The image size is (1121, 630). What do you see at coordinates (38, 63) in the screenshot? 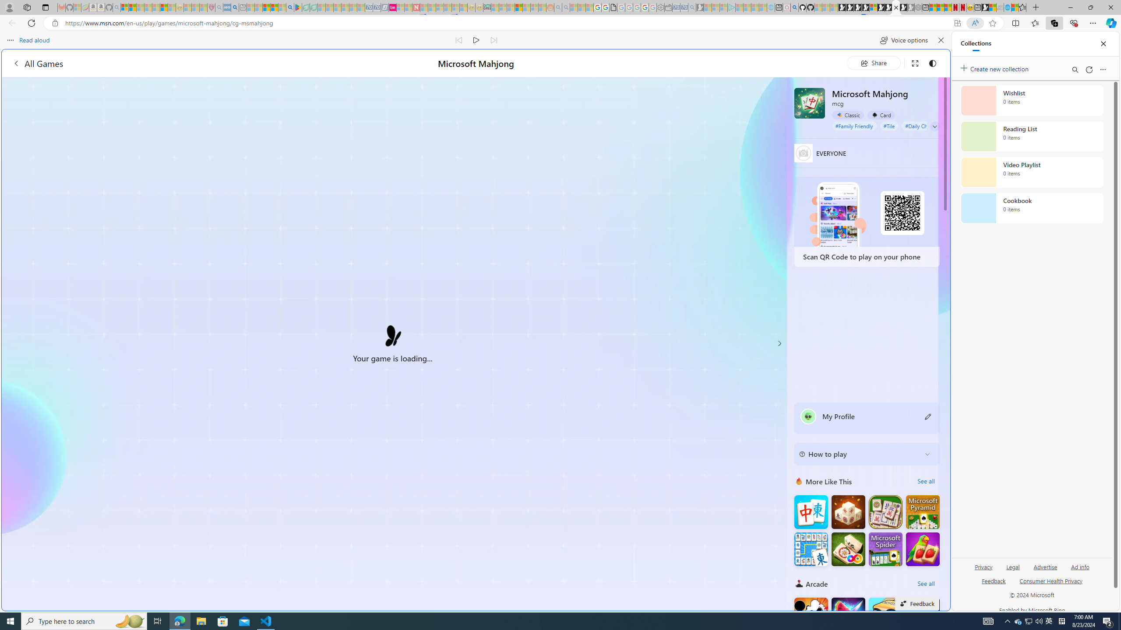
I see `'All Games'` at bounding box center [38, 63].